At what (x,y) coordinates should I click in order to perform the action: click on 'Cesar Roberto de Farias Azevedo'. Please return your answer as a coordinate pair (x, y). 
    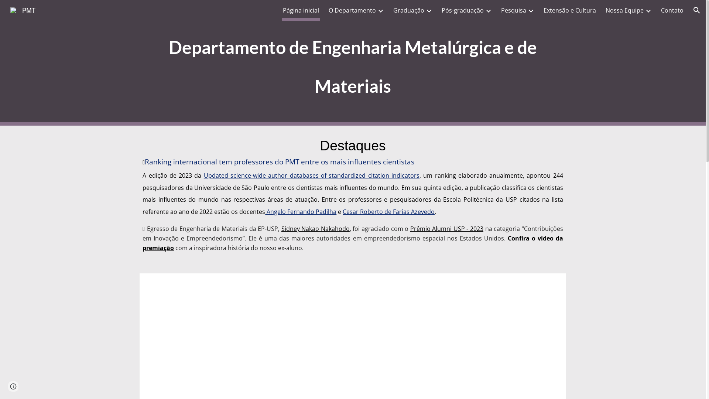
    Looking at the image, I should click on (388, 211).